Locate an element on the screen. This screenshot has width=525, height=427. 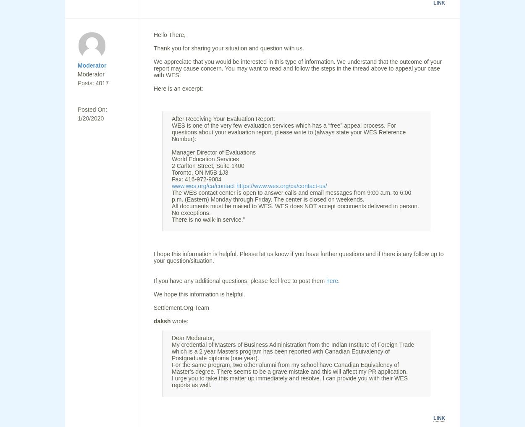
'.' is located at coordinates (339, 280).